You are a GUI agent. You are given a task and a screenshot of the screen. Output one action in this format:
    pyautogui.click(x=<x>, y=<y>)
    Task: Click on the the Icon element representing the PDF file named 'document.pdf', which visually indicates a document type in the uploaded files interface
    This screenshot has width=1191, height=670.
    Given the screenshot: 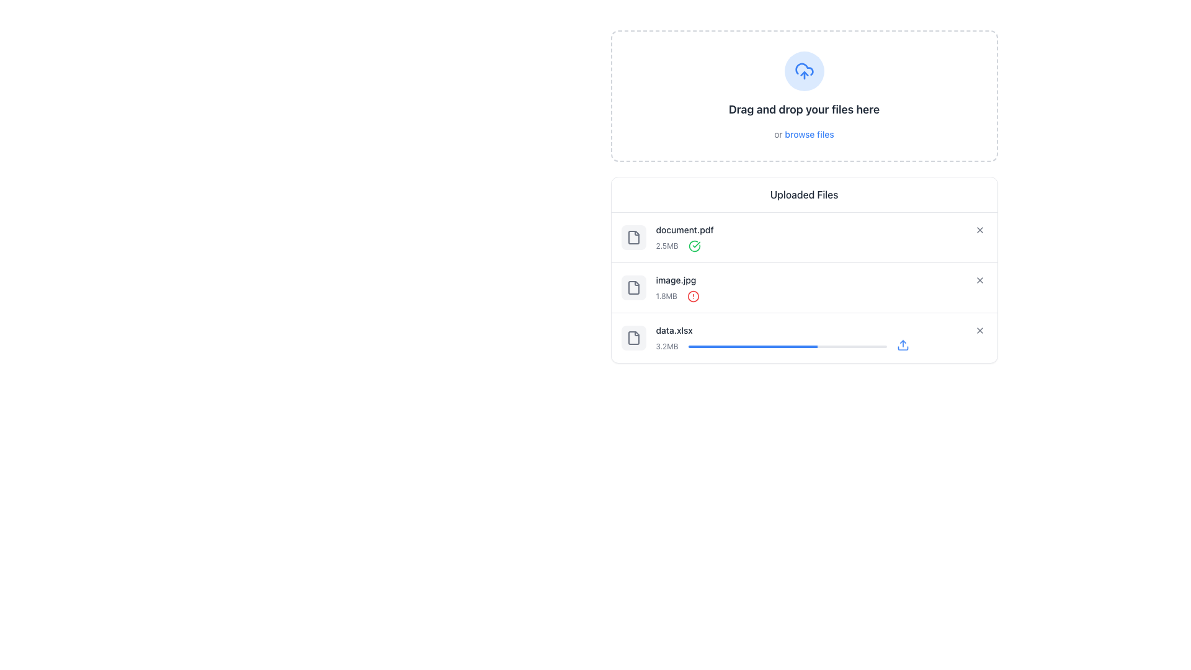 What is the action you would take?
    pyautogui.click(x=633, y=237)
    